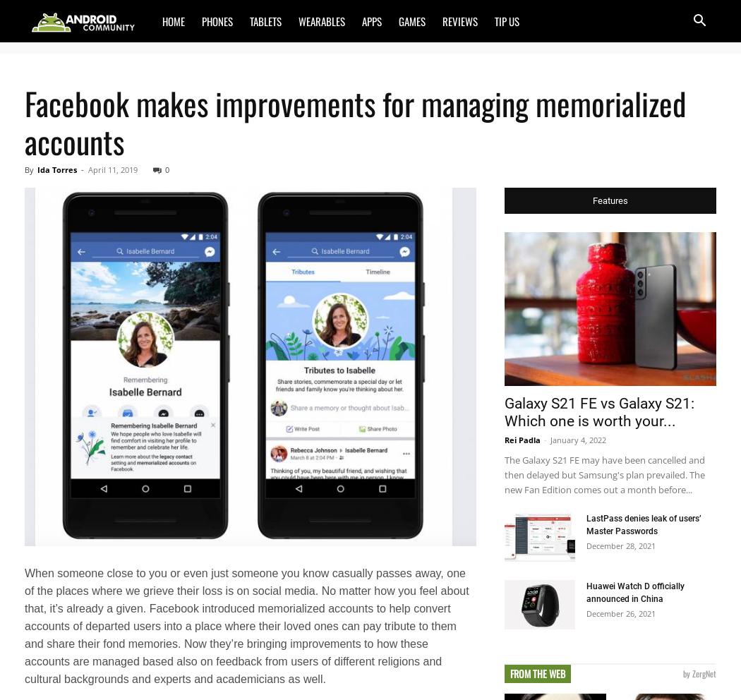  What do you see at coordinates (113, 169) in the screenshot?
I see `'April 11, 2019'` at bounding box center [113, 169].